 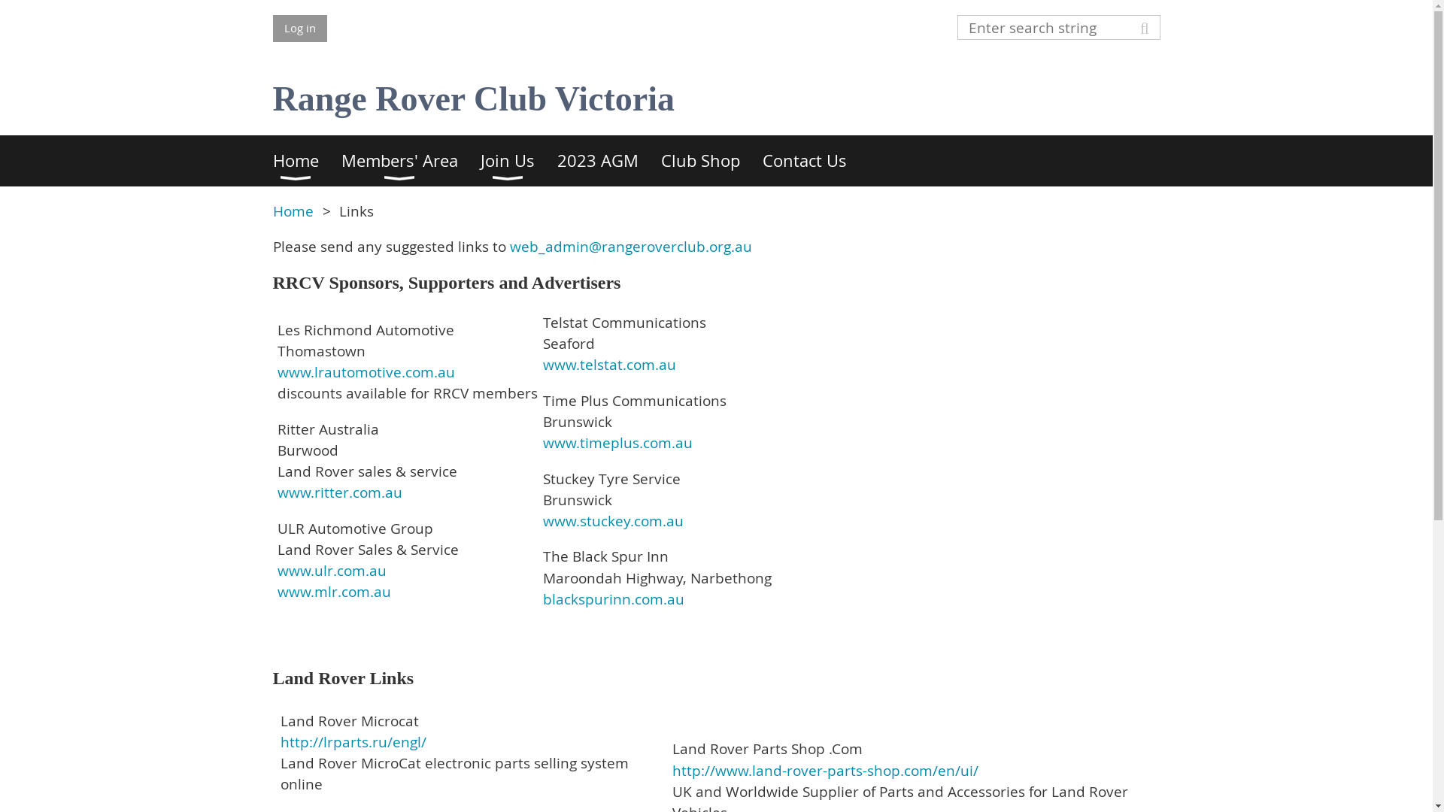 What do you see at coordinates (518, 160) in the screenshot?
I see `'Join Us'` at bounding box center [518, 160].